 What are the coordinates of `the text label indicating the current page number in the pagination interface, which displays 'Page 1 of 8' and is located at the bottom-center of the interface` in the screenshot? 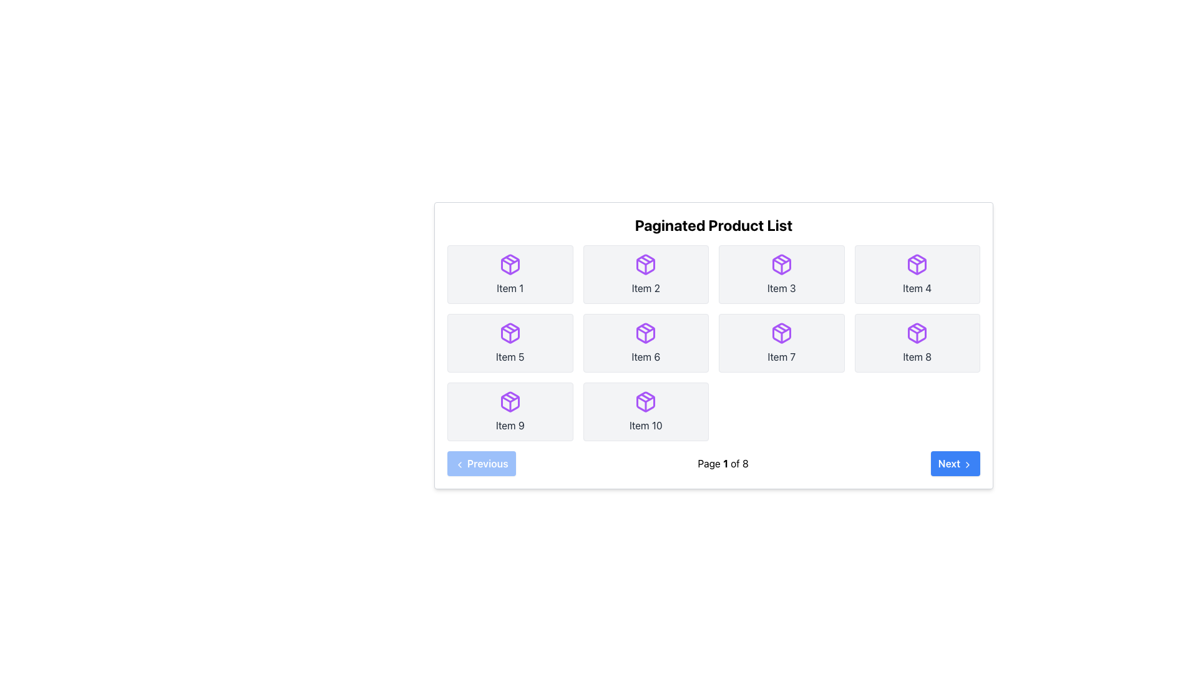 It's located at (725, 464).